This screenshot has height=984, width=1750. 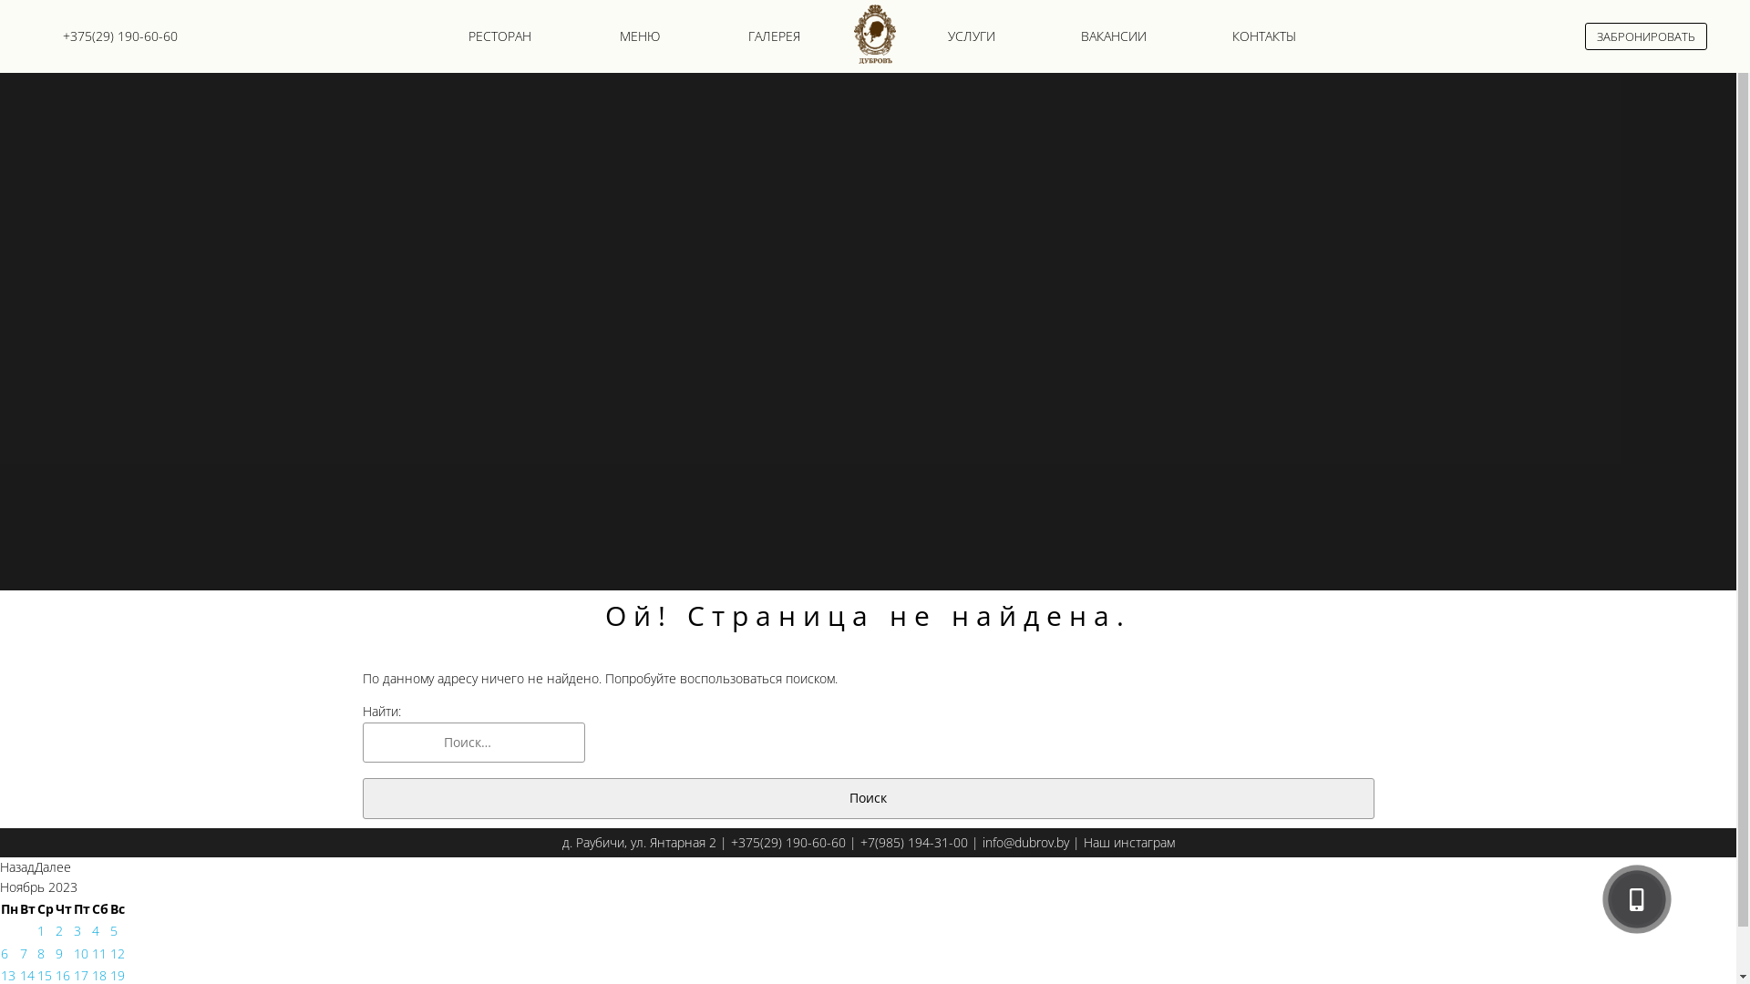 I want to click on '6', so click(x=4, y=952).